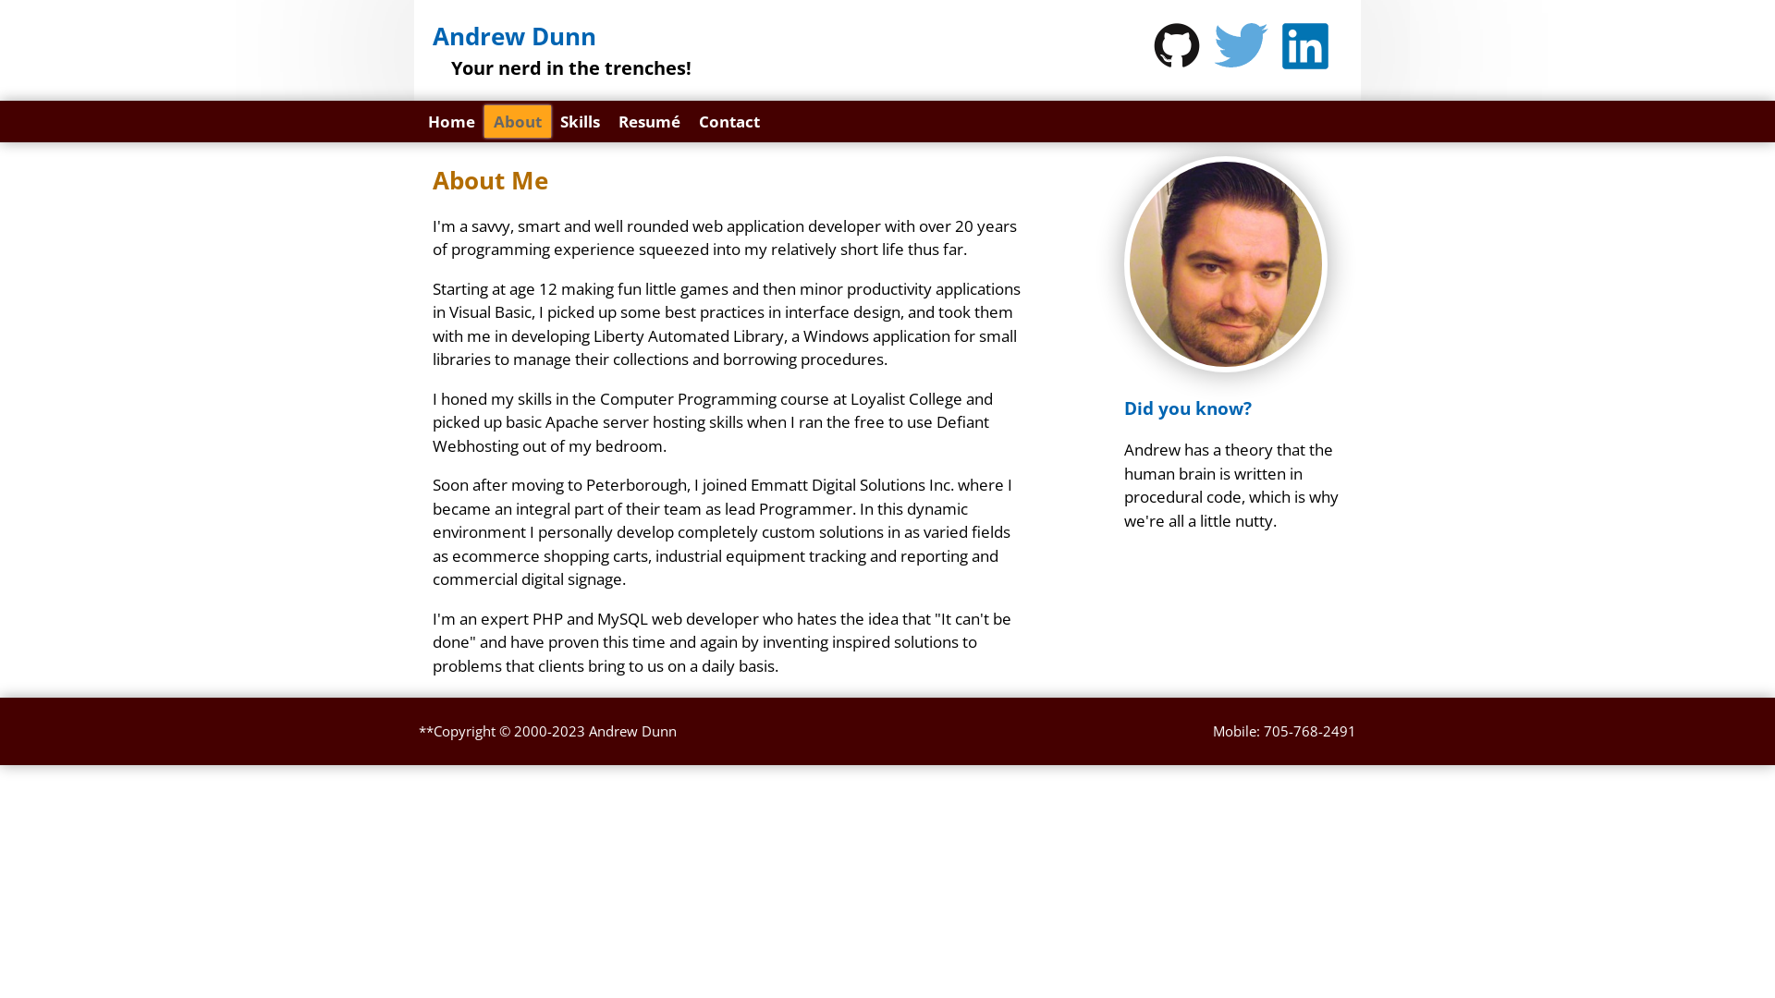 The image size is (1775, 998). What do you see at coordinates (549, 121) in the screenshot?
I see `'Skills'` at bounding box center [549, 121].